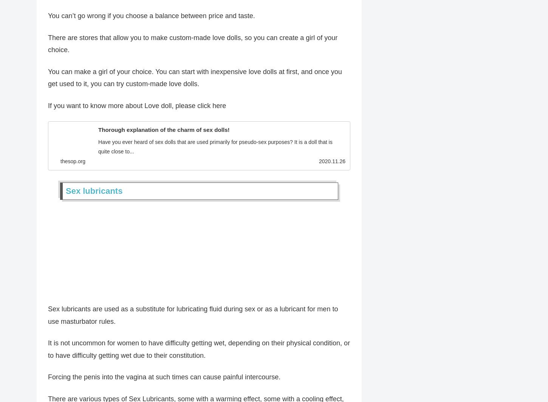  What do you see at coordinates (72, 163) in the screenshot?
I see `'thesop.org'` at bounding box center [72, 163].